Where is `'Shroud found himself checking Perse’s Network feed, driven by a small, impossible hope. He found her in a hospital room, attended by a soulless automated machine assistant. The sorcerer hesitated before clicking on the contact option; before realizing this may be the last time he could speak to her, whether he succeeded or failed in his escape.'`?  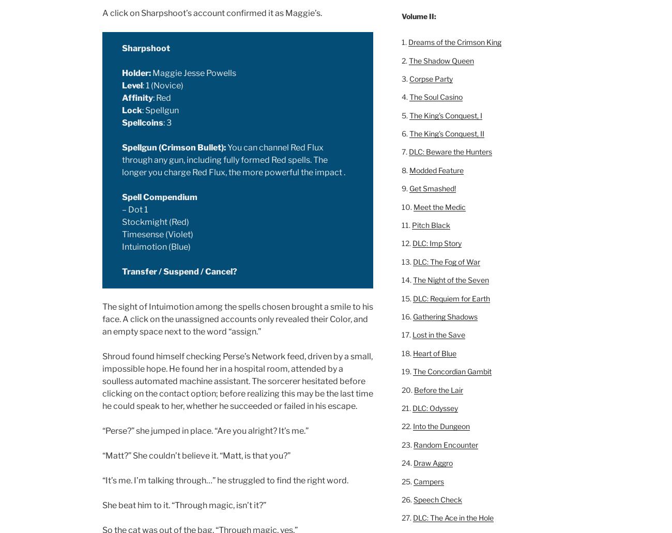
'Shroud found himself checking Perse’s Network feed, driven by a small, impossible hope. He found her in a hospital room, attended by a soulless automated machine assistant. The sorcerer hesitated before clicking on the contact option; before realizing this may be the last time he could speak to her, whether he succeeded or failed in his escape.' is located at coordinates (237, 380).